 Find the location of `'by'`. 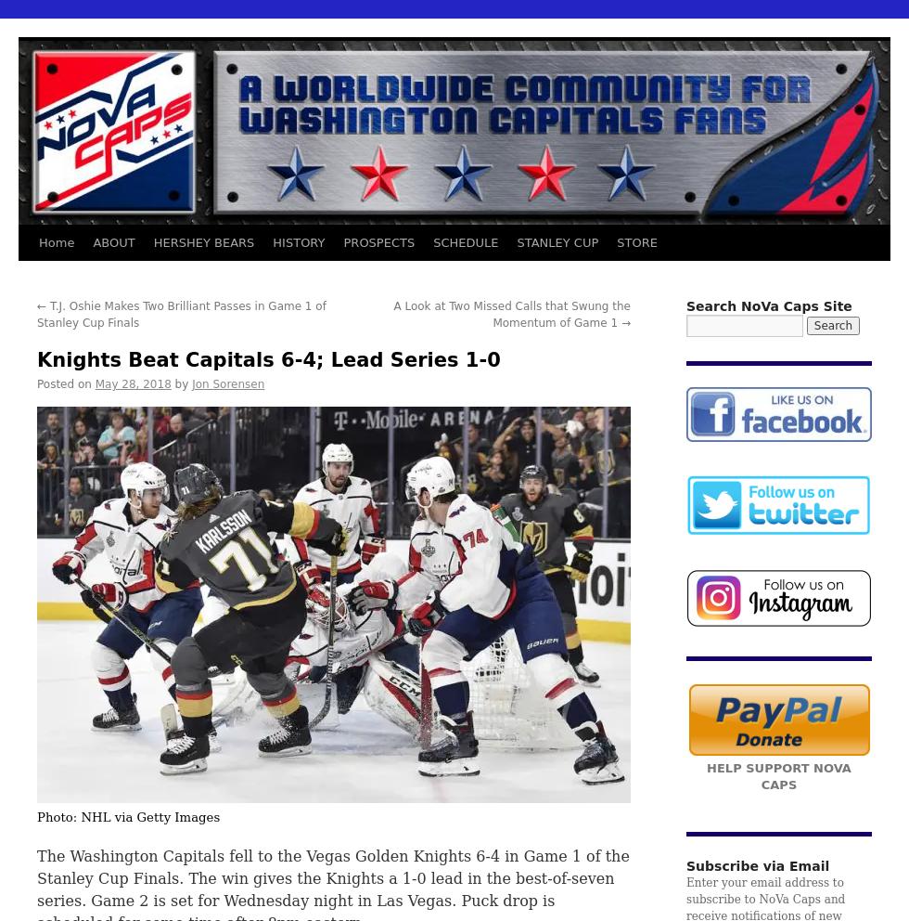

'by' is located at coordinates (181, 383).